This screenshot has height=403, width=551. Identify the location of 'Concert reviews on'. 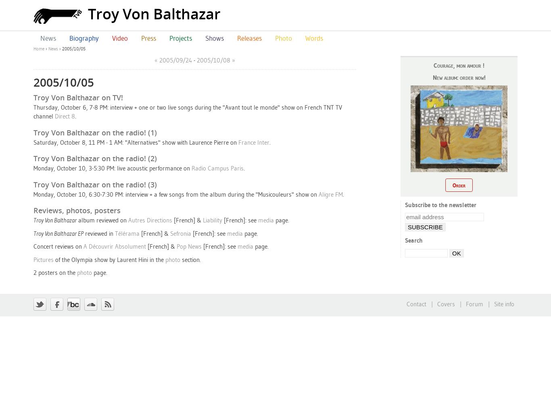
(58, 246).